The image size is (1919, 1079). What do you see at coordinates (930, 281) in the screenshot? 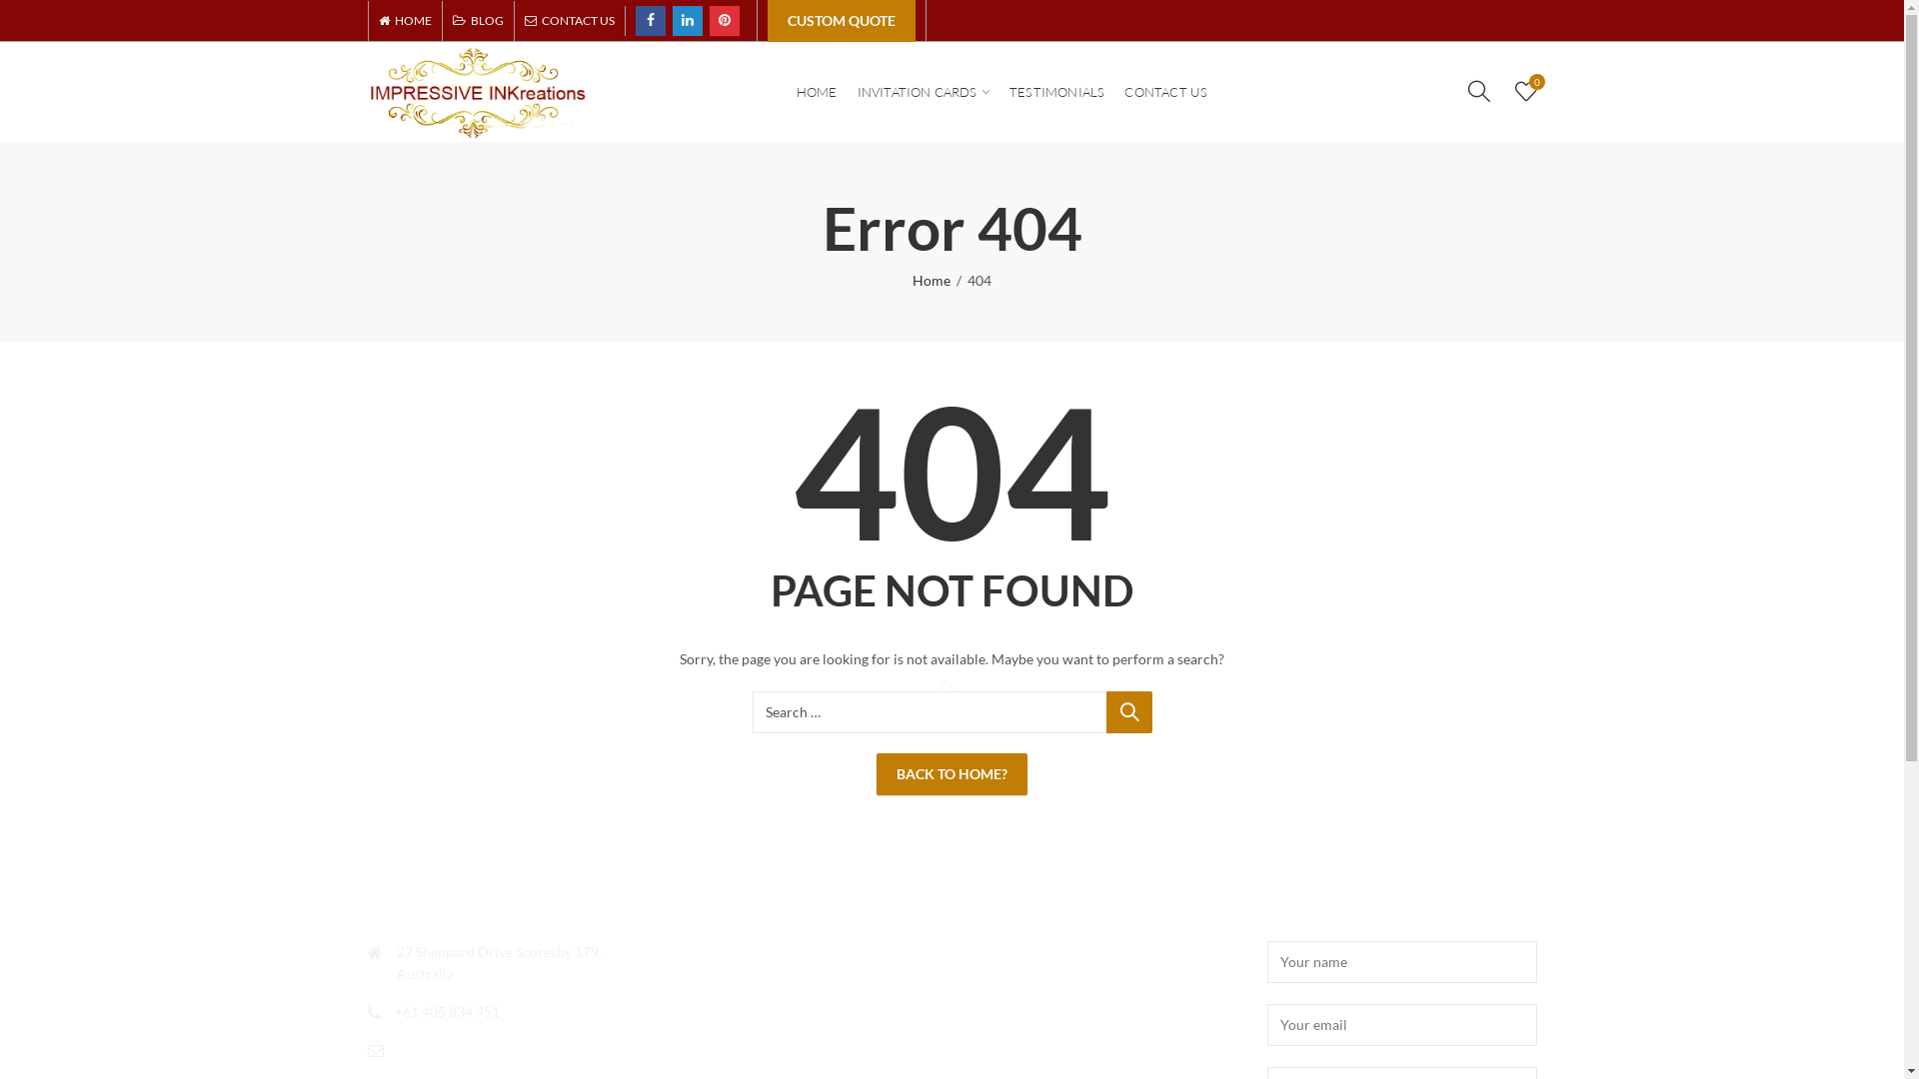
I see `'Home'` at bounding box center [930, 281].